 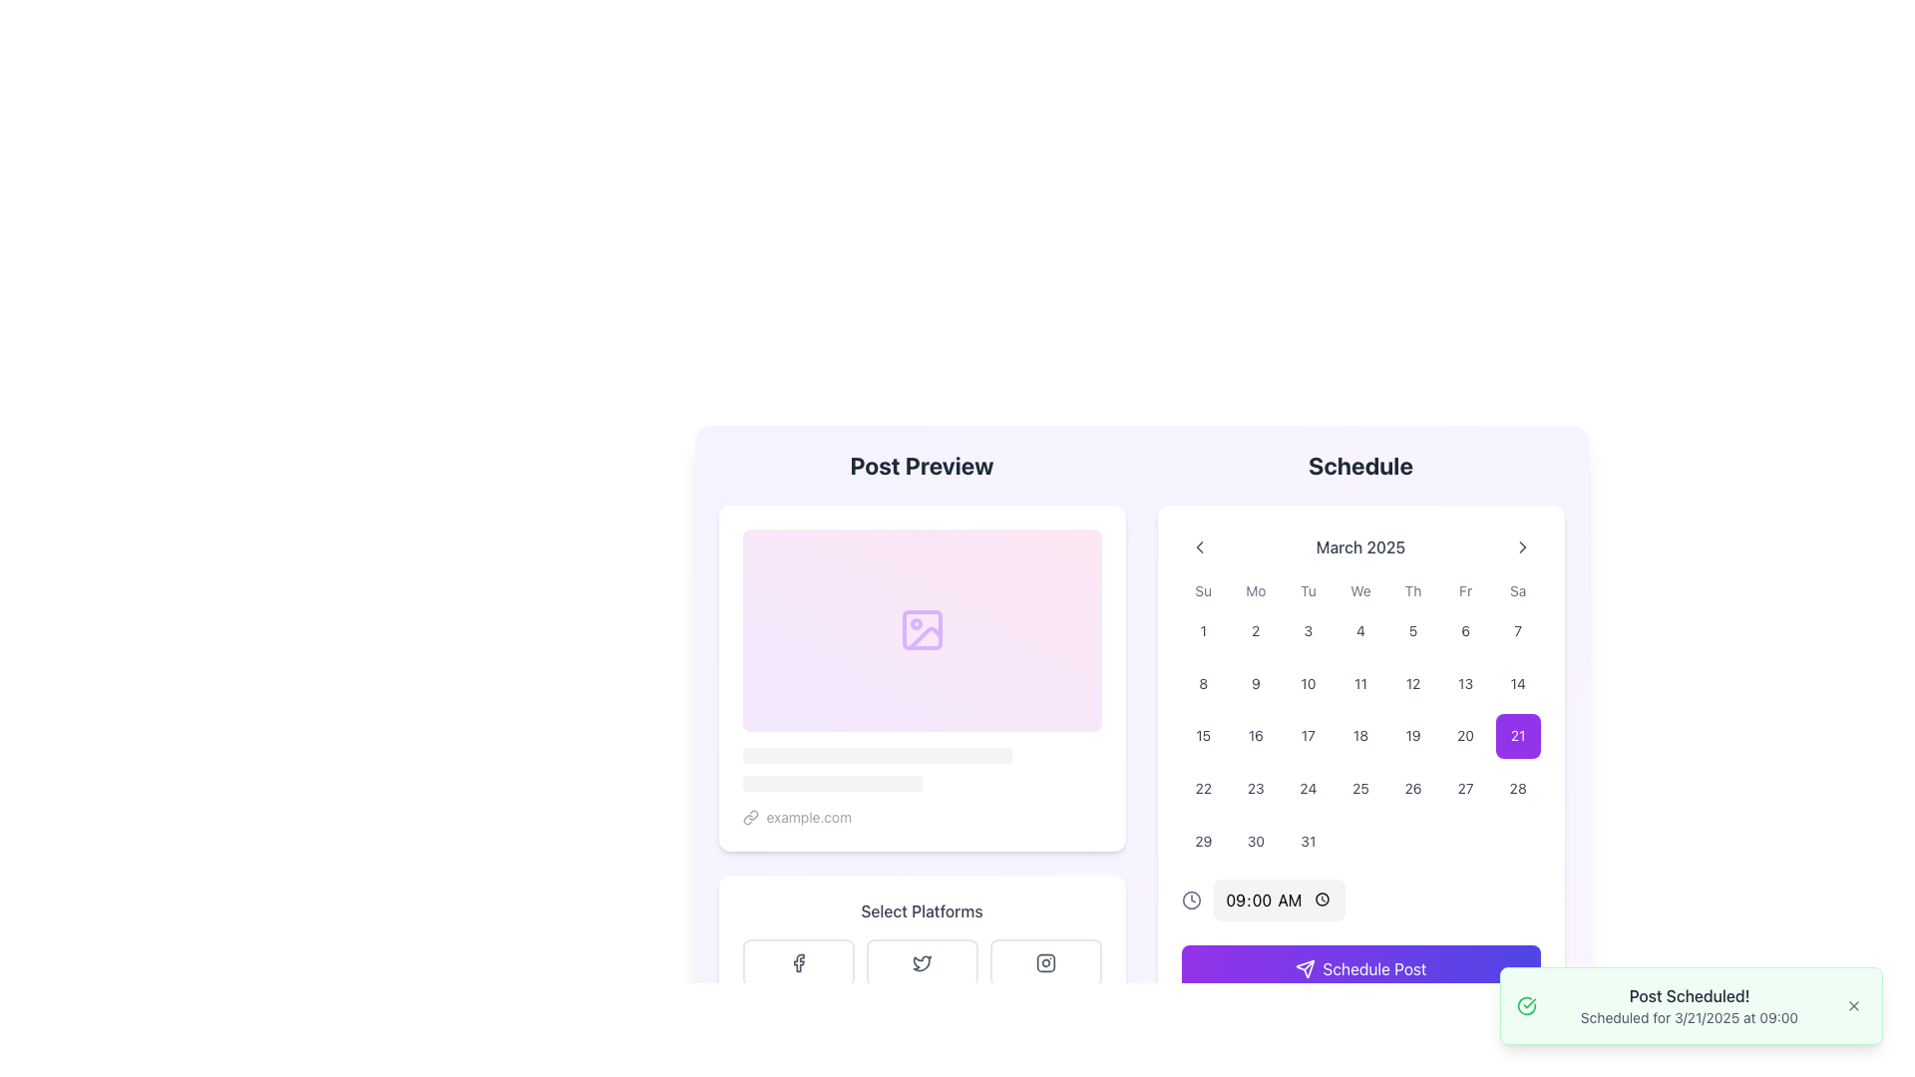 I want to click on the date '11' button in the calendar grid located in the 'Schedule' section, so click(x=1359, y=682).